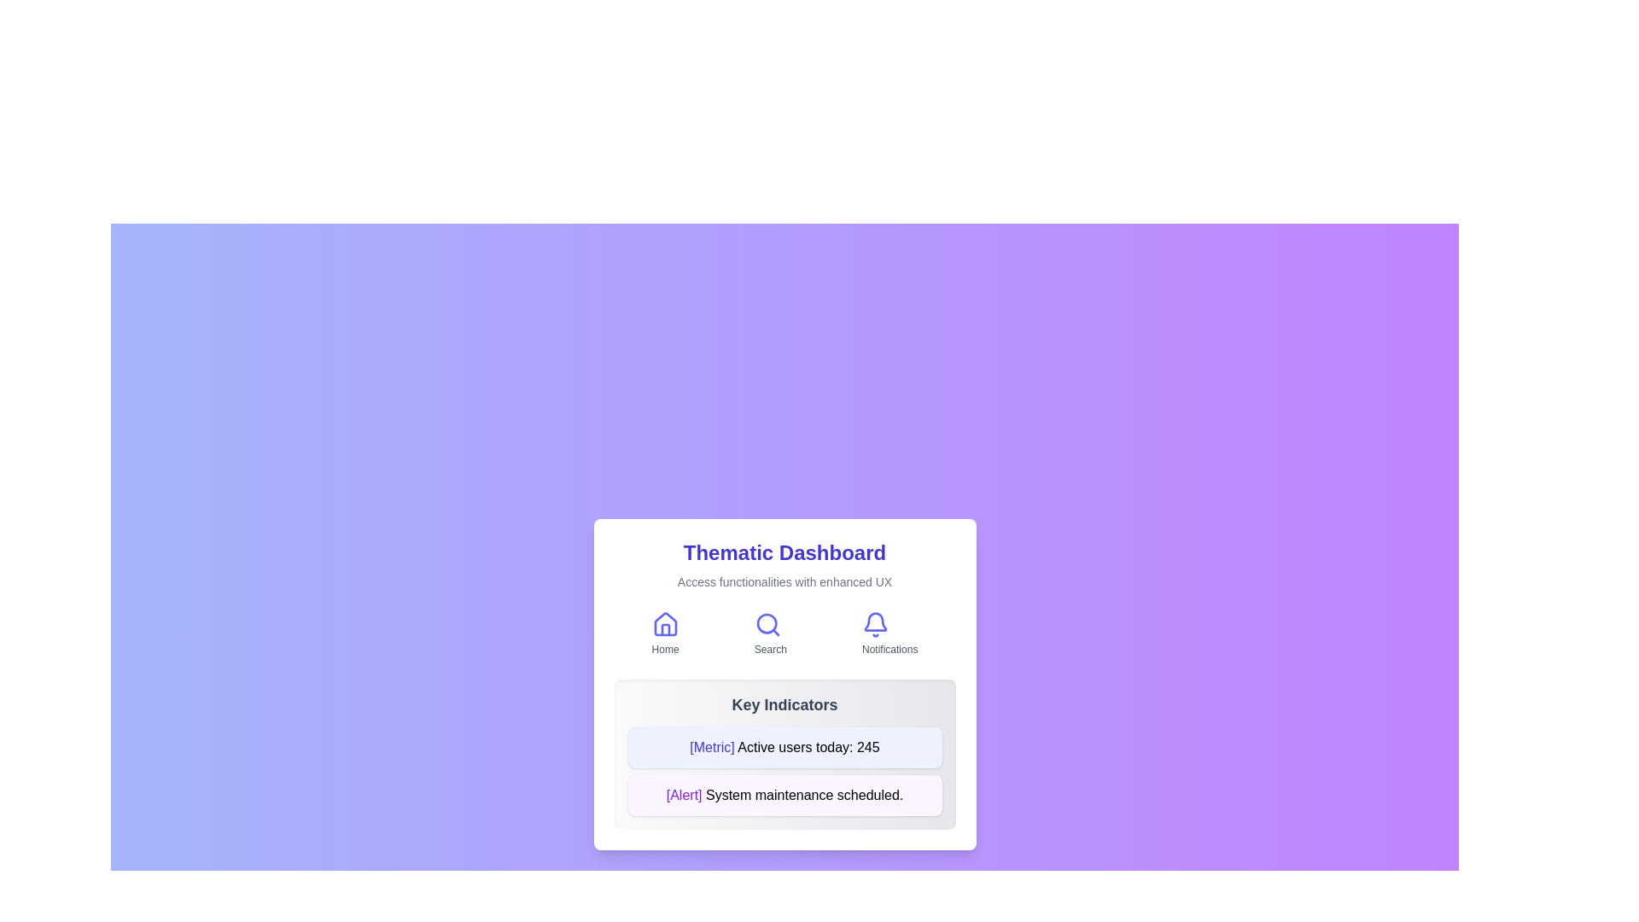  Describe the element at coordinates (784, 565) in the screenshot. I see `text of the heading located at the top of the white card-like area, which serves as a title and description for the surrounding interface` at that location.